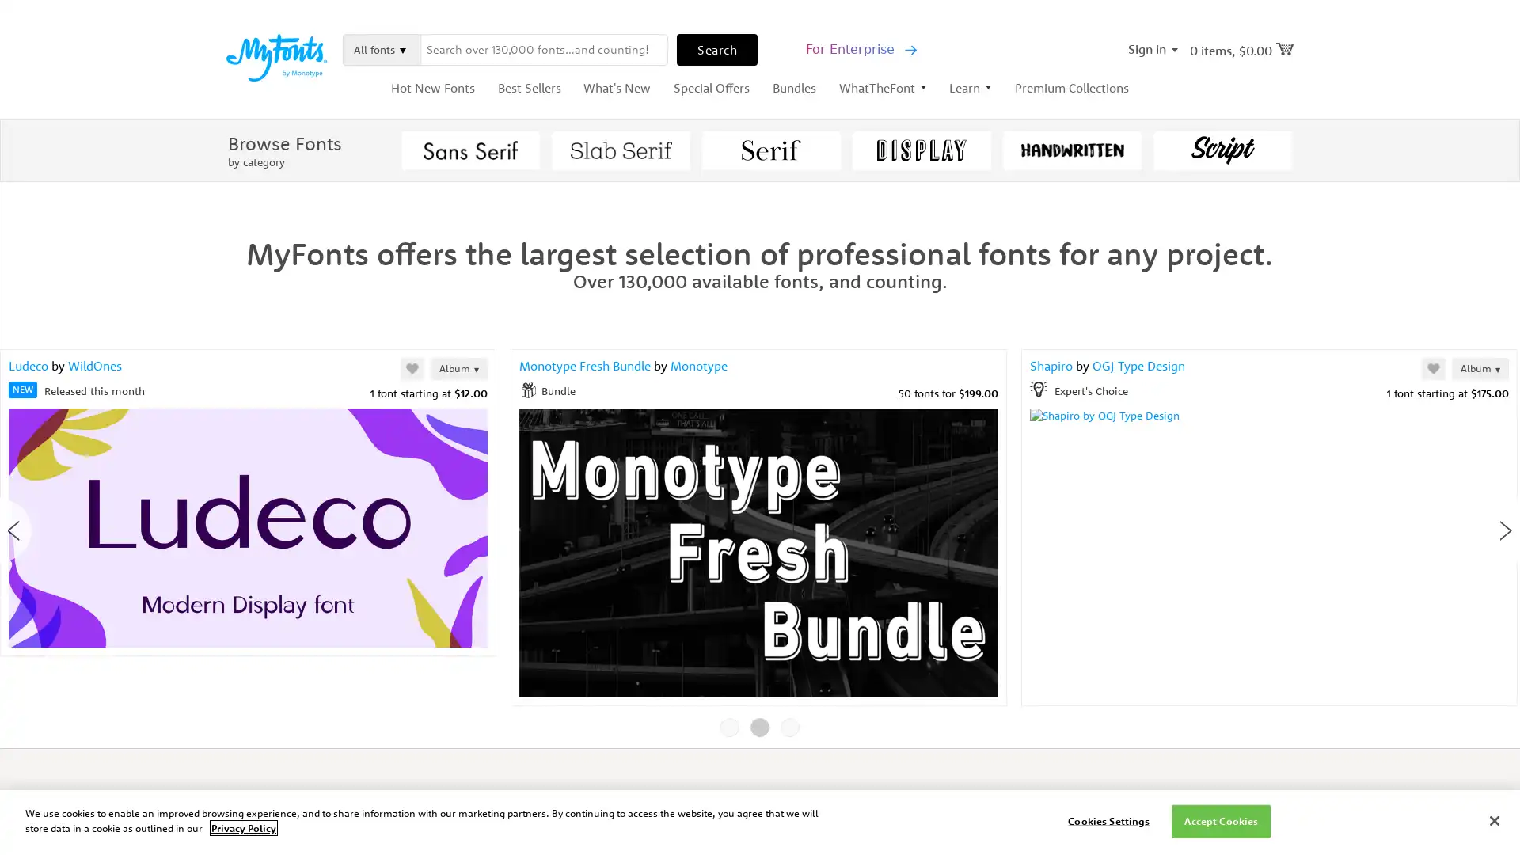  Describe the element at coordinates (716, 47) in the screenshot. I see `Search` at that location.